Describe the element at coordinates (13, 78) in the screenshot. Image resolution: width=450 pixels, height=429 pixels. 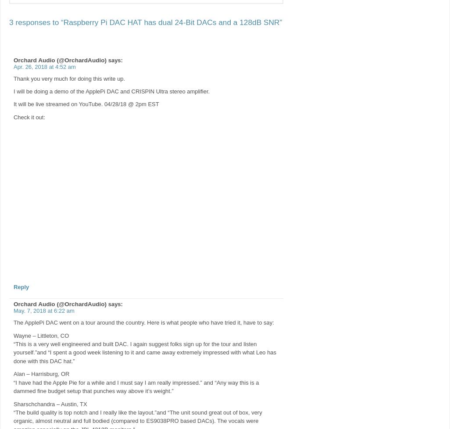
I see `'Thank you very much for doing this write up.'` at that location.